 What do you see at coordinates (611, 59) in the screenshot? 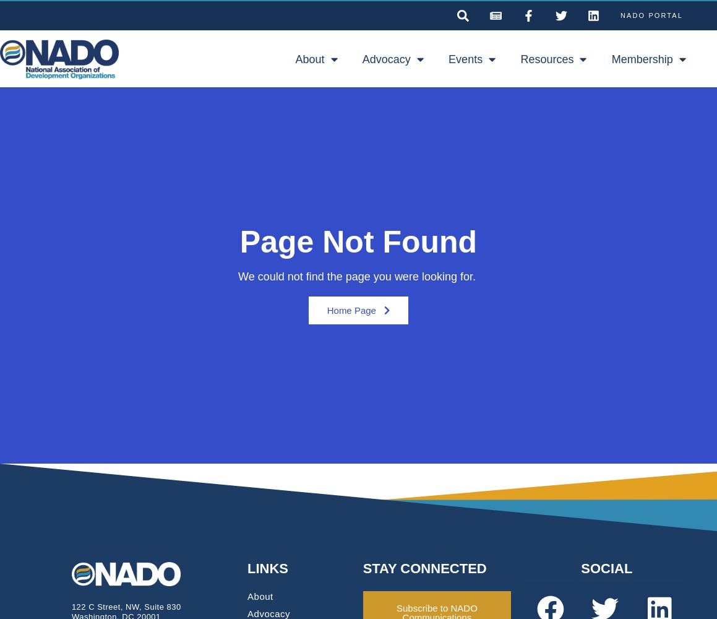
I see `'Membership'` at bounding box center [611, 59].